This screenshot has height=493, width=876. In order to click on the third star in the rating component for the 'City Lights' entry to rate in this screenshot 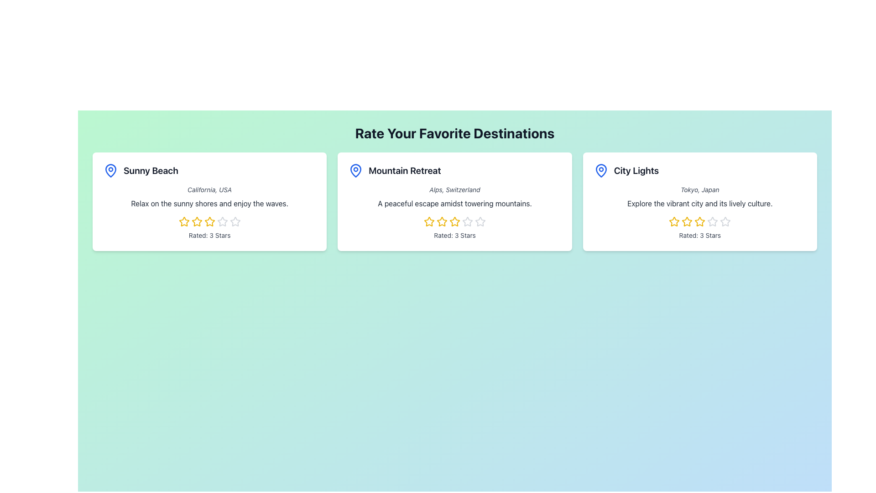, I will do `click(687, 221)`.